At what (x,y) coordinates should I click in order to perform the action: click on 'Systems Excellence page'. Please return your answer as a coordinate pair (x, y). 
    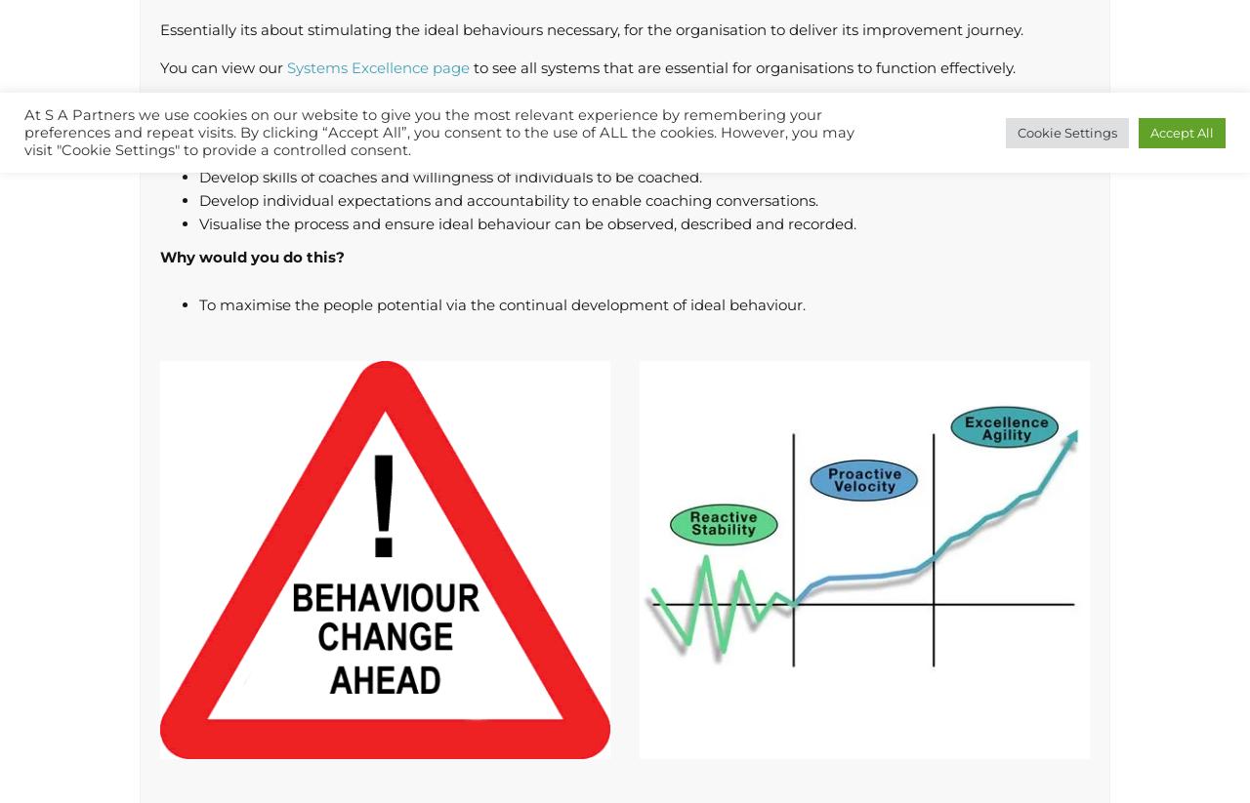
    Looking at the image, I should click on (378, 67).